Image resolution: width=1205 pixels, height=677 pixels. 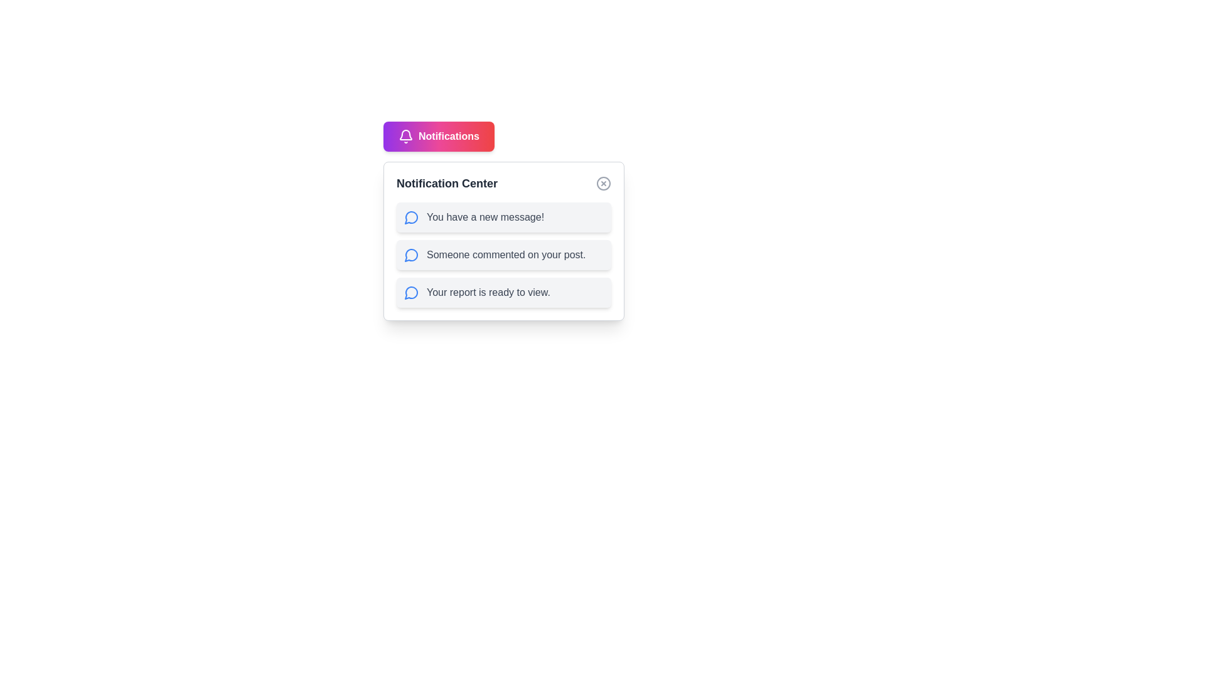 I want to click on the decorative circle of the close button located at the top-right corner of the notification panel, so click(x=603, y=184).